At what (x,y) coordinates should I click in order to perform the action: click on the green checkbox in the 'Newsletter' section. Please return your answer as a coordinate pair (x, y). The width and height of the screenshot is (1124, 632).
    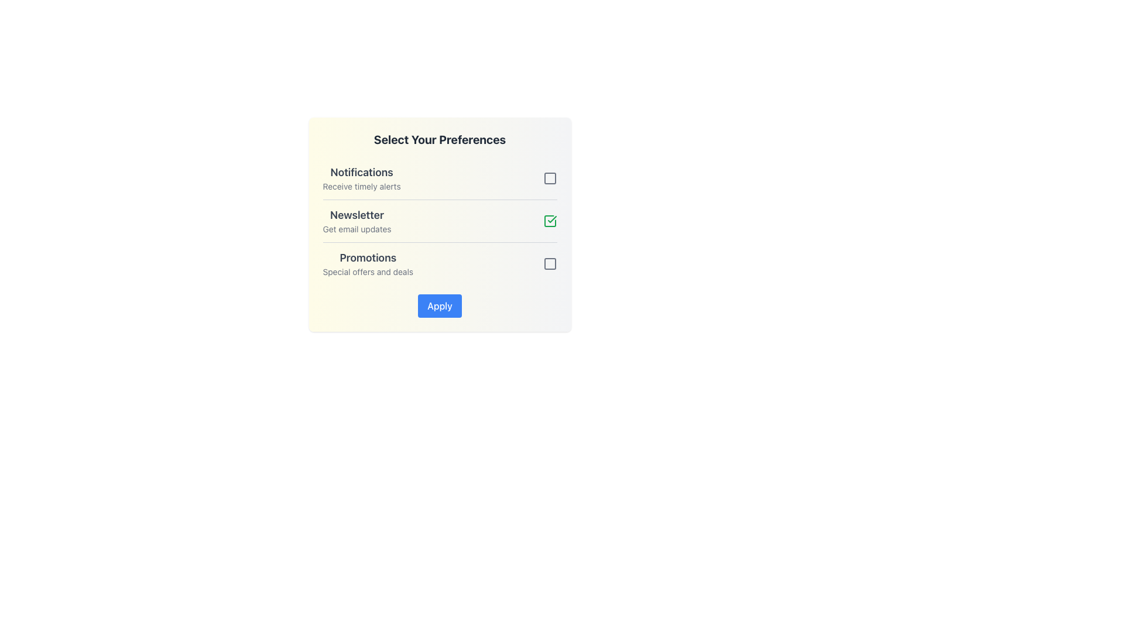
    Looking at the image, I should click on (549, 221).